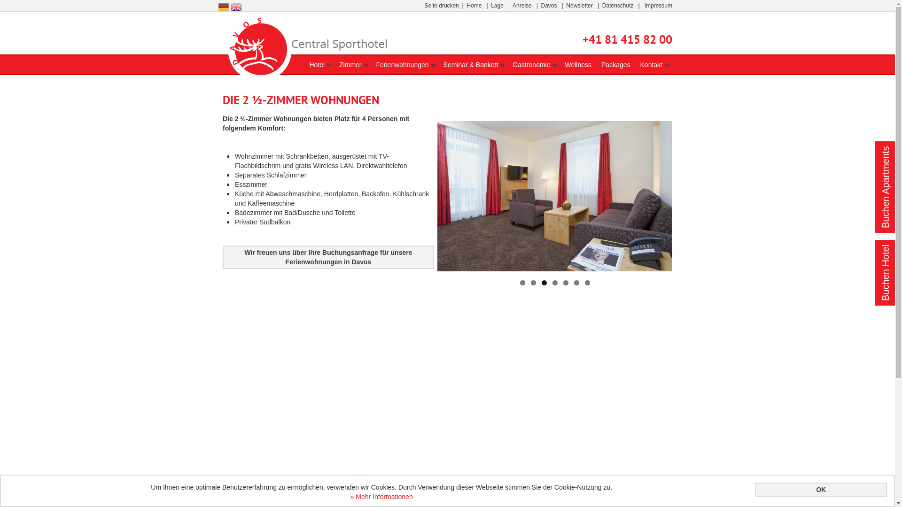 This screenshot has height=507, width=902. What do you see at coordinates (490, 5) in the screenshot?
I see `'Lage'` at bounding box center [490, 5].